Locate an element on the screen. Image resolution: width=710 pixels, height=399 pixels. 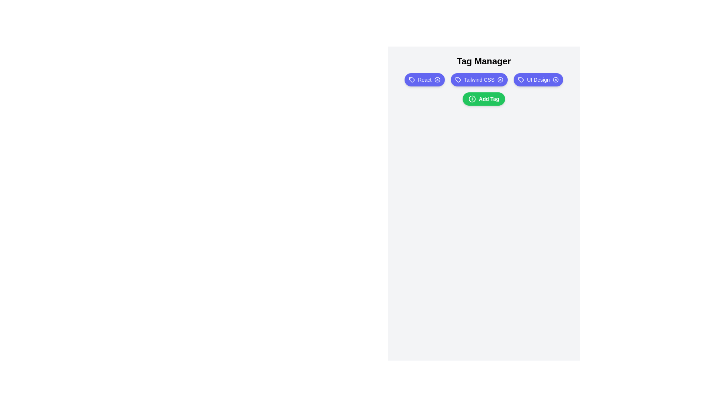
the tag labeled React by clicking its remove icon is located at coordinates (437, 80).